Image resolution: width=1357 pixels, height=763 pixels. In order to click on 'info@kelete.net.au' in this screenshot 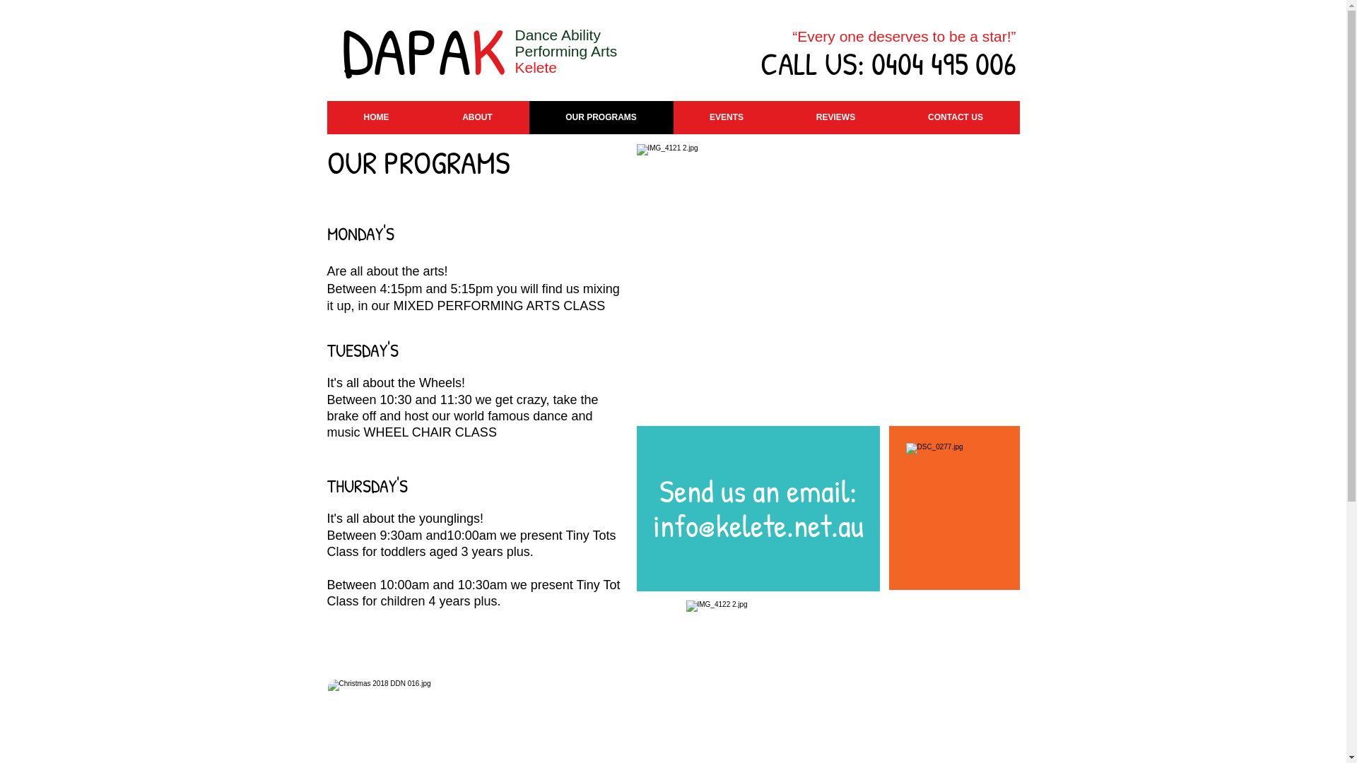, I will do `click(758, 525)`.